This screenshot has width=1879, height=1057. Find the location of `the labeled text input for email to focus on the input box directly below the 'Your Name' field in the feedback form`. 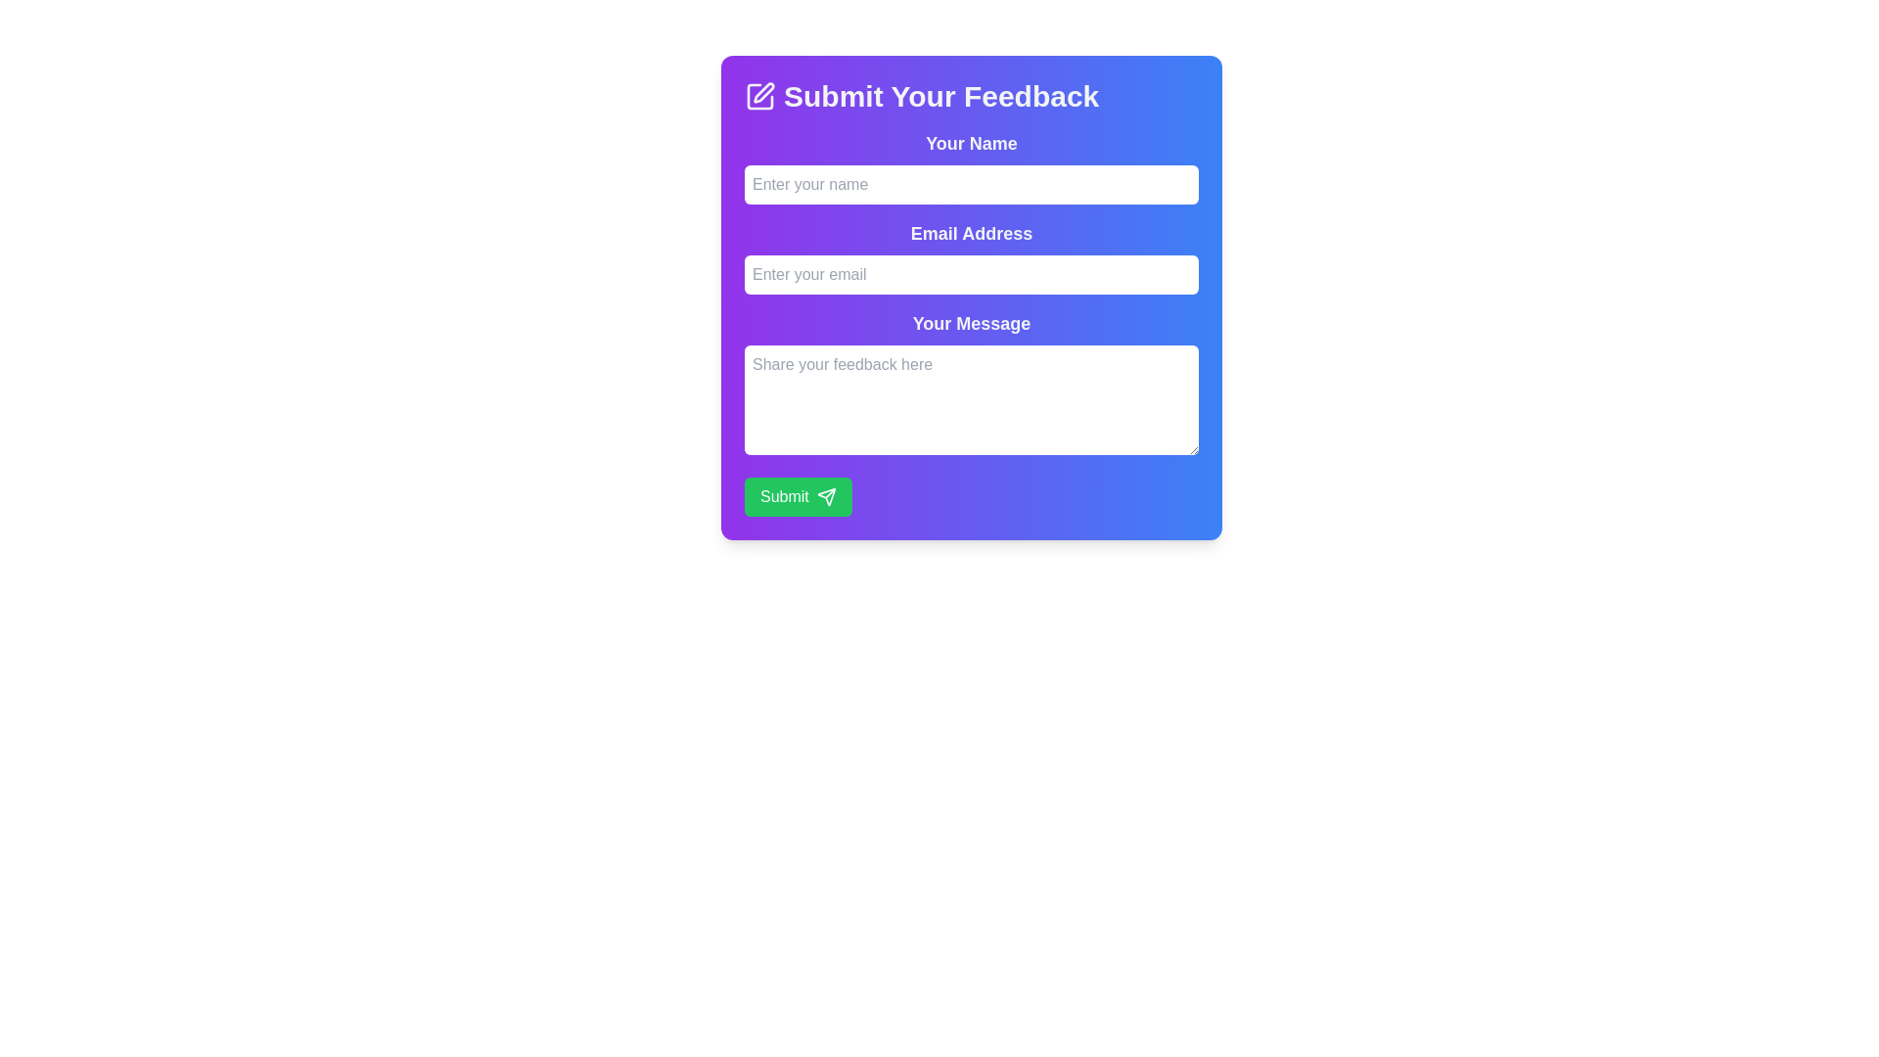

the labeled text input for email to focus on the input box directly below the 'Your Name' field in the feedback form is located at coordinates (972, 255).